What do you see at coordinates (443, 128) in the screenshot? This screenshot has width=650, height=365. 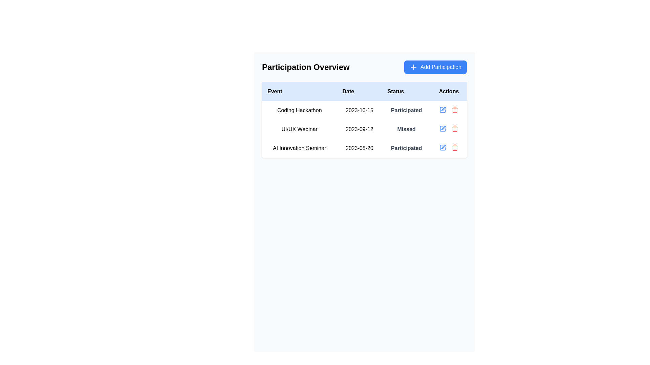 I see `the pen icon, which is a small blue graphical component located in the 'Actions' column of the second row of the table` at bounding box center [443, 128].